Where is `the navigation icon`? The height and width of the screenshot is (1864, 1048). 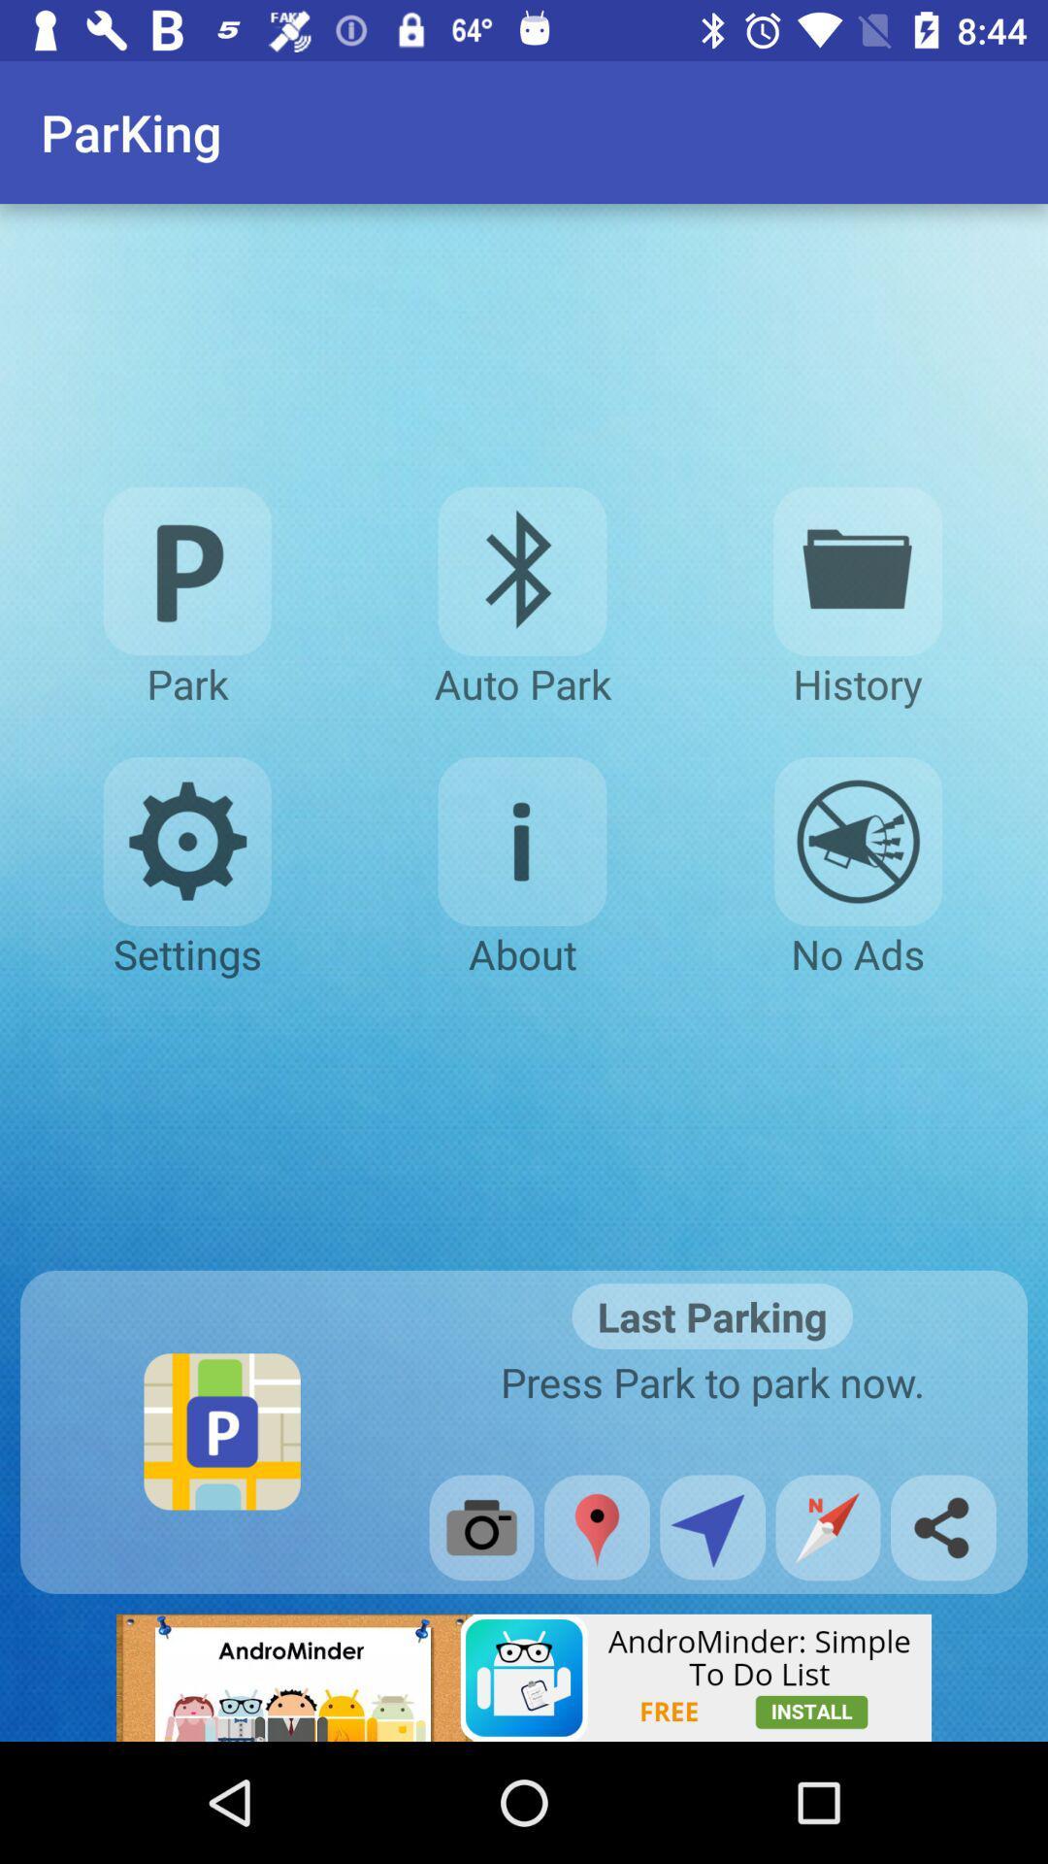
the navigation icon is located at coordinates (712, 1526).